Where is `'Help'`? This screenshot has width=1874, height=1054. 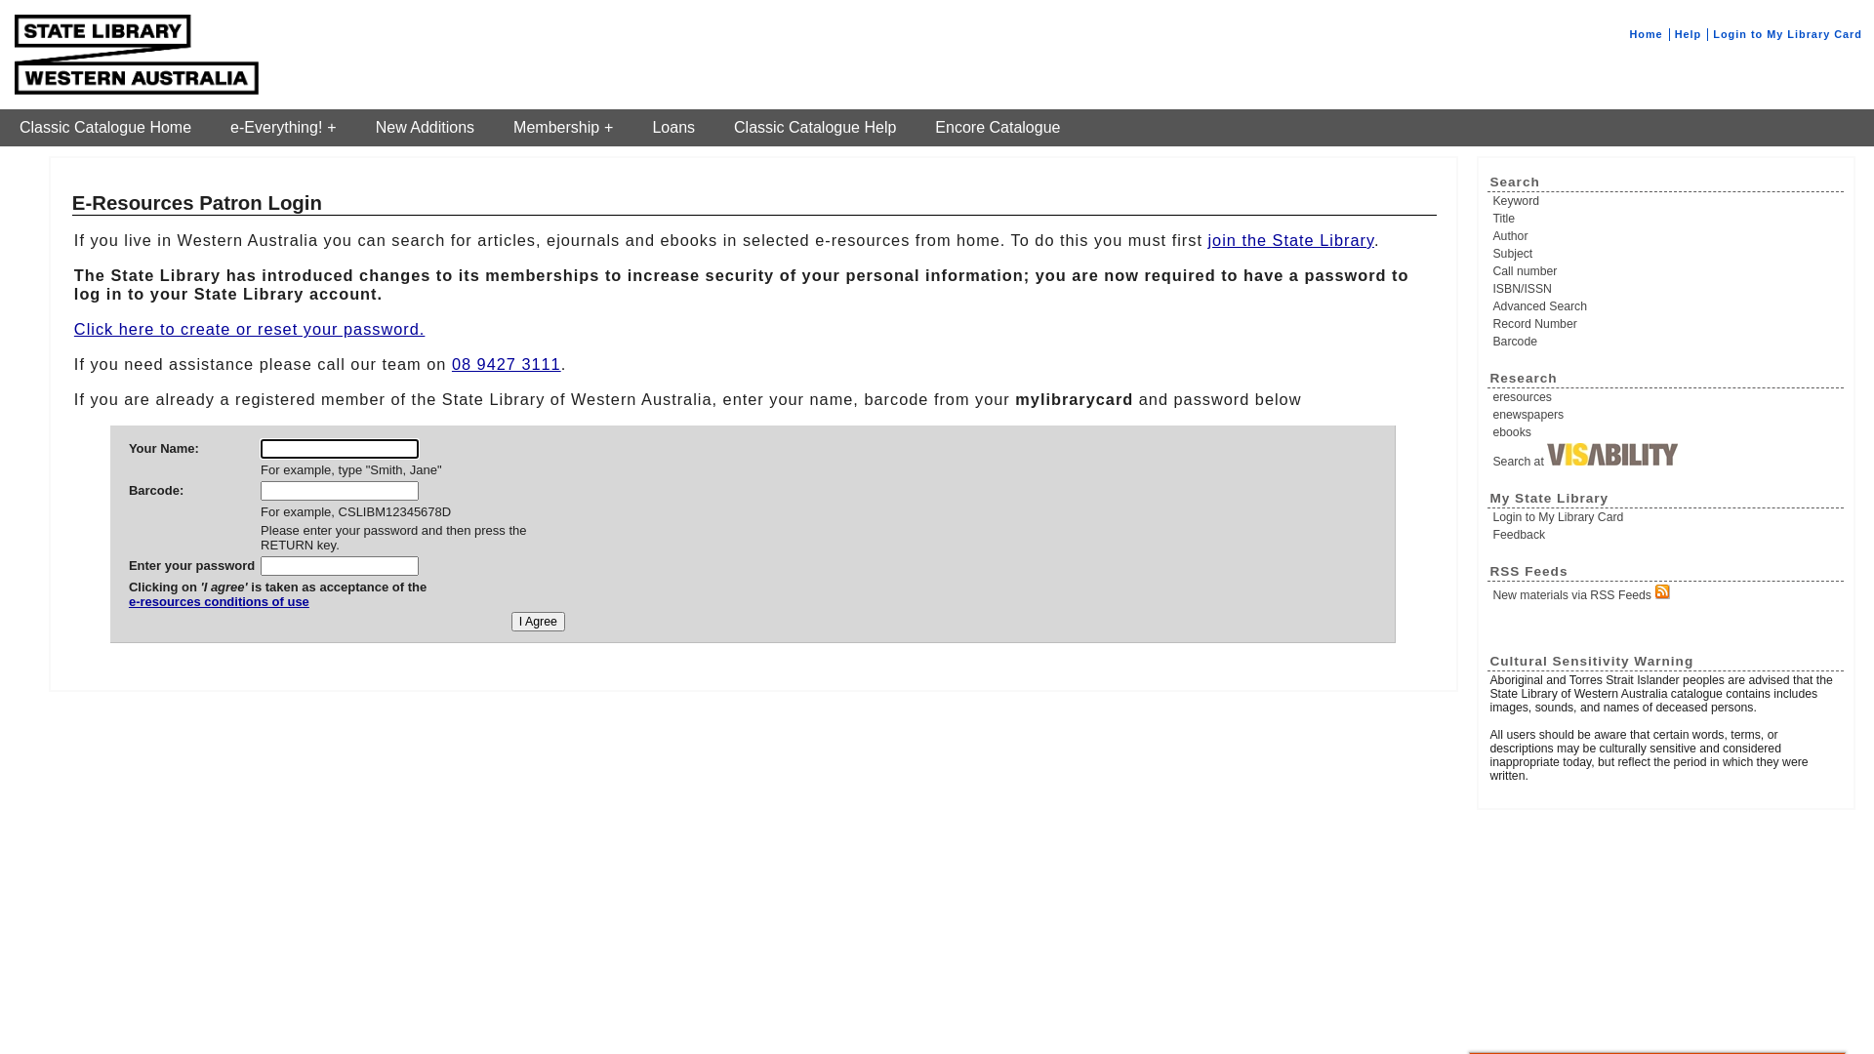 'Help' is located at coordinates (1674, 33).